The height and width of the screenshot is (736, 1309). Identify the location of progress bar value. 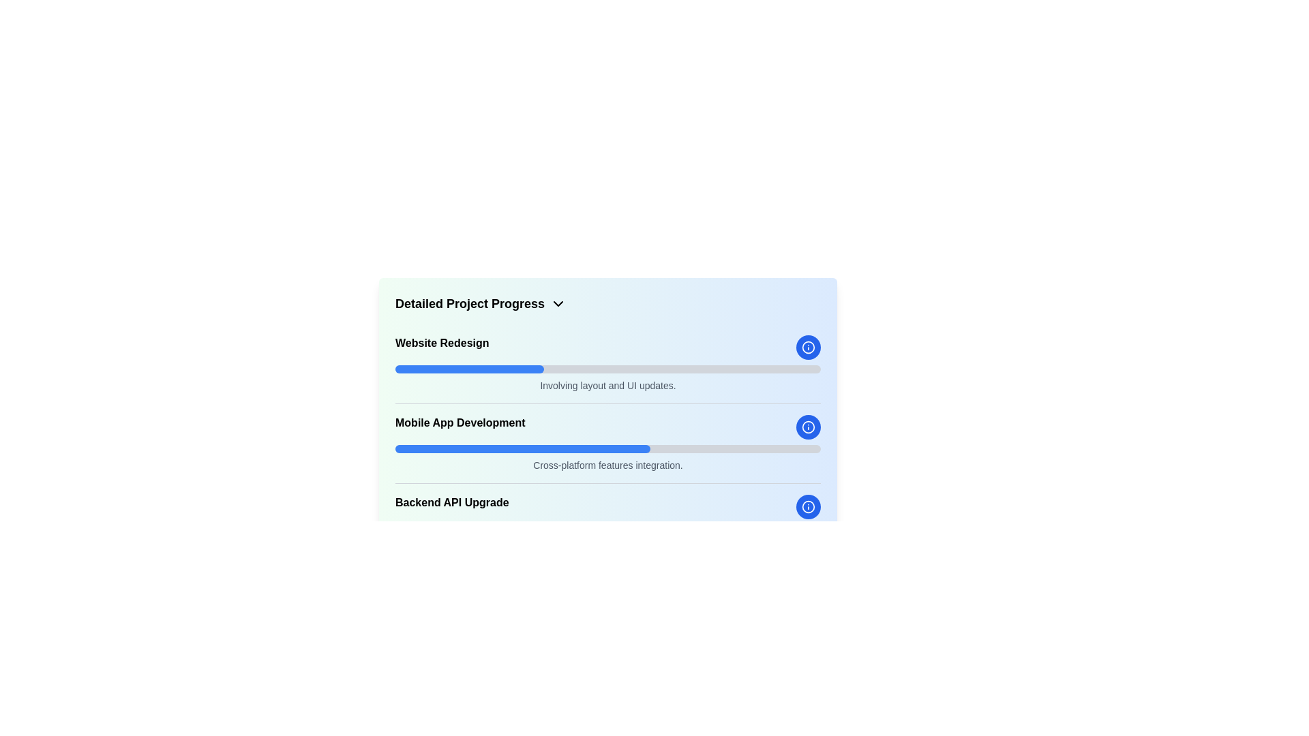
(424, 449).